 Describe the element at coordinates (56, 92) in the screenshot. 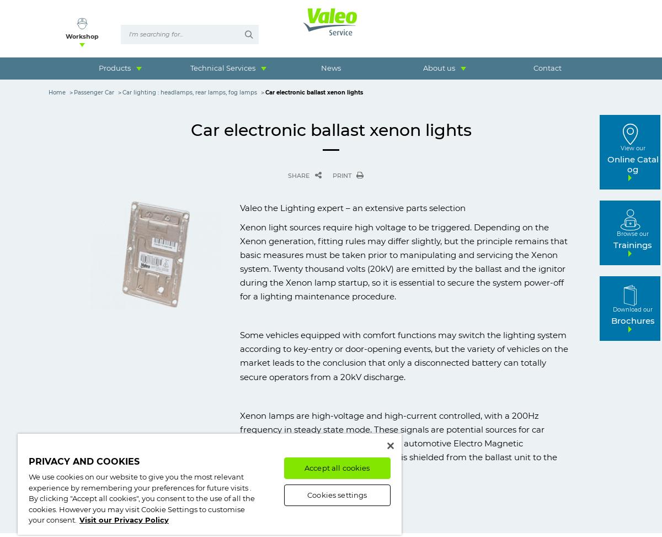

I see `'Home'` at that location.